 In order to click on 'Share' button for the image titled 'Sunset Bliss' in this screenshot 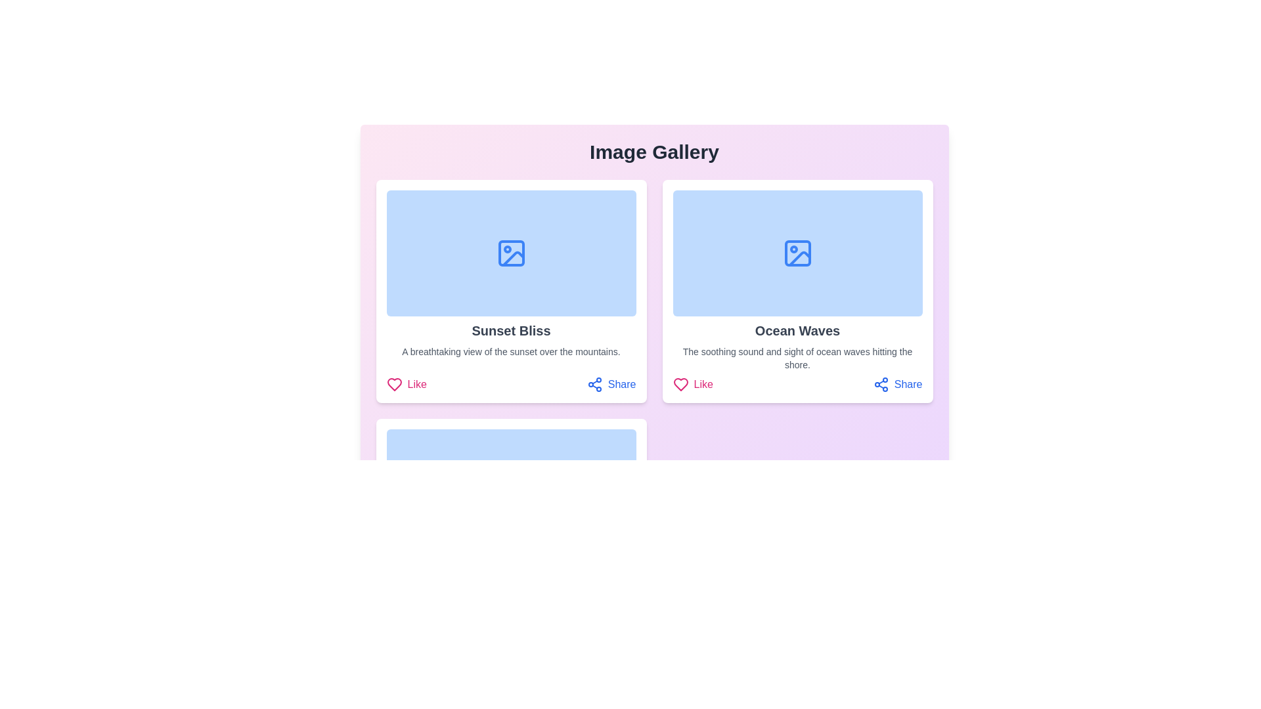, I will do `click(611, 384)`.